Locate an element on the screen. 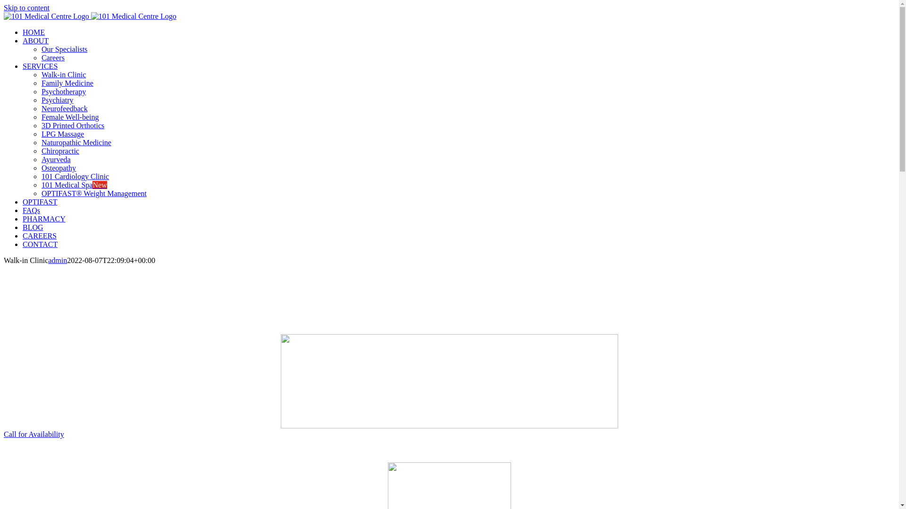 This screenshot has width=906, height=509. 'FAQs' is located at coordinates (31, 210).